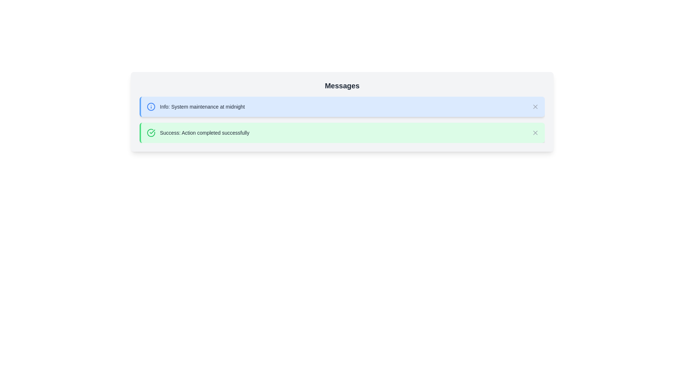 This screenshot has width=696, height=391. What do you see at coordinates (535, 133) in the screenshot?
I see `the dismiss button located in the top-right corner of the green notification box` at bounding box center [535, 133].